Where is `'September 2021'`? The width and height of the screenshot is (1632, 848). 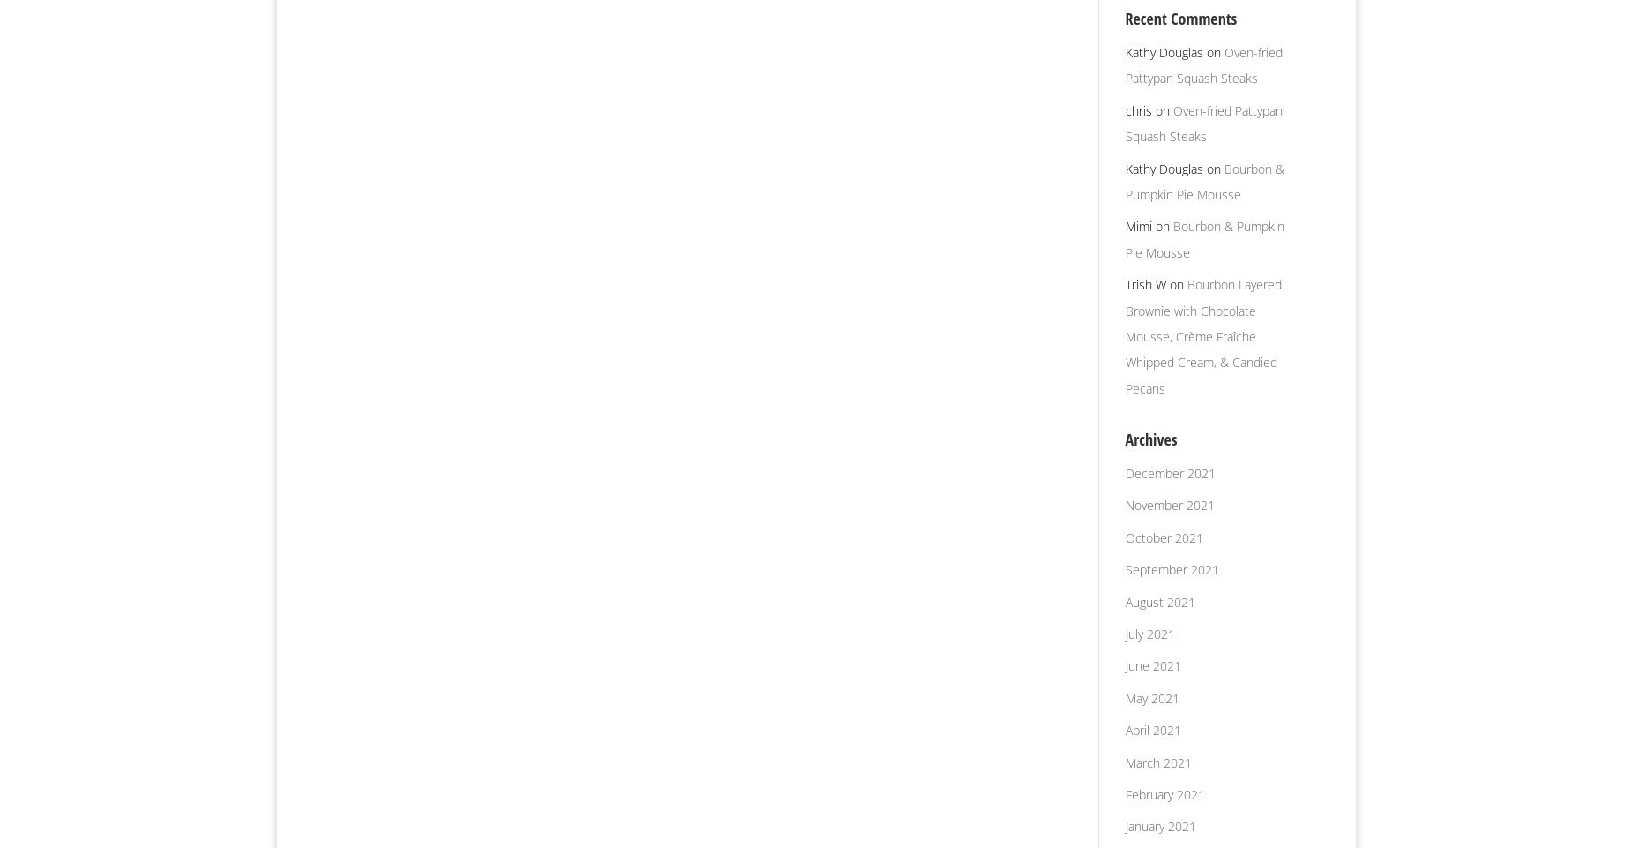 'September 2021' is located at coordinates (1170, 568).